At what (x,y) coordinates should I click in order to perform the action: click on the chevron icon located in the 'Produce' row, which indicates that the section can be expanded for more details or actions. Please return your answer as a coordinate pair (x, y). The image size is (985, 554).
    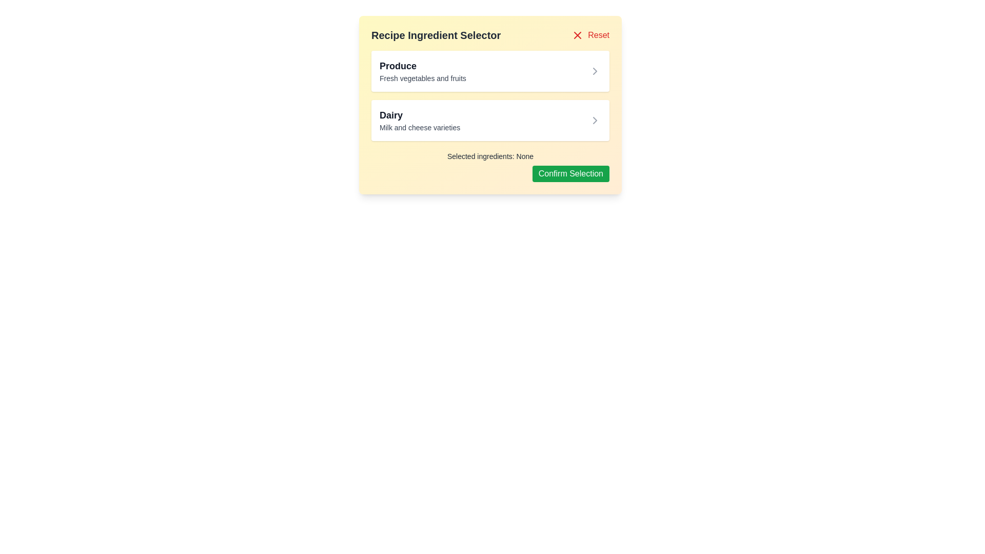
    Looking at the image, I should click on (595, 70).